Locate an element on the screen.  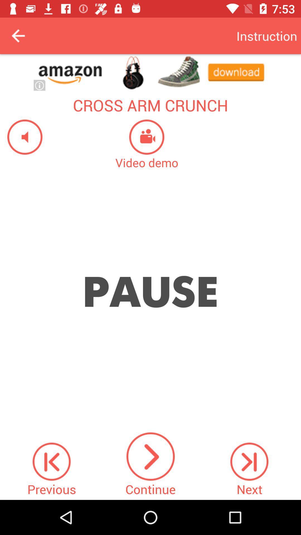
the website is located at coordinates (151, 72).